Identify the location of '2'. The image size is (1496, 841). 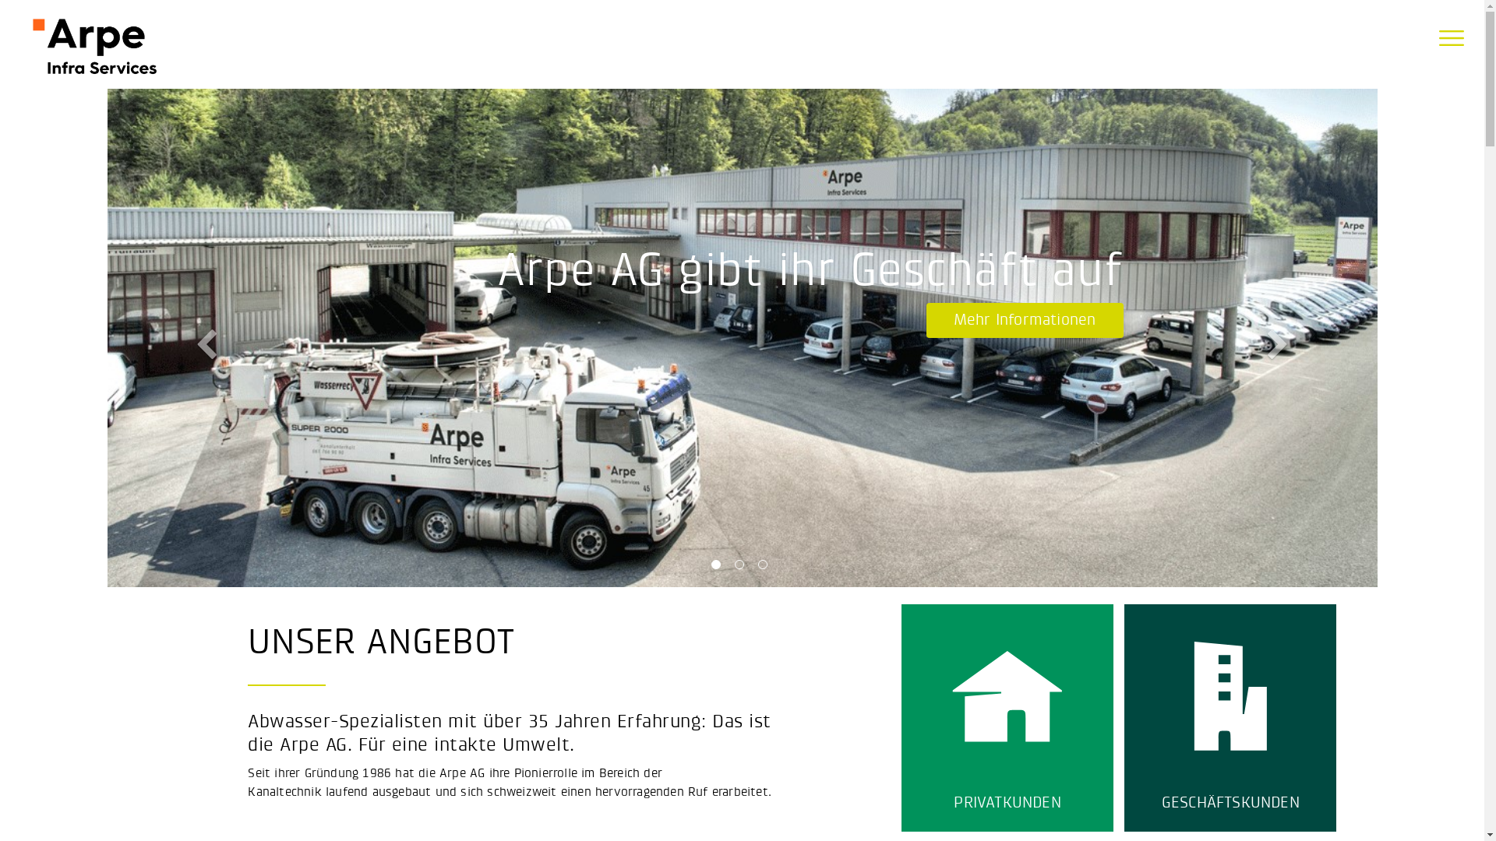
(740, 568).